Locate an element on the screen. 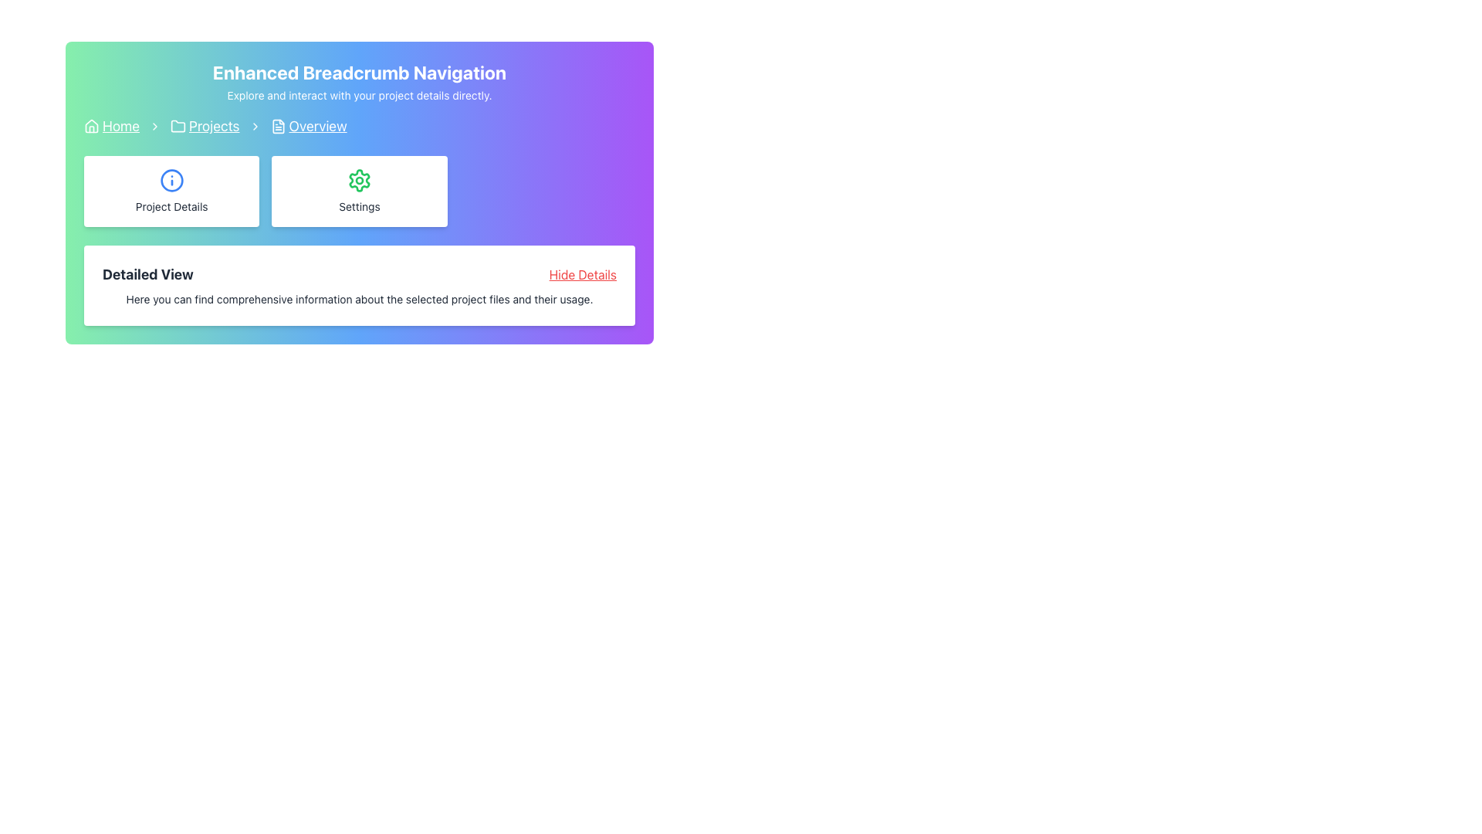 The height and width of the screenshot is (834, 1482). the gear icon located in the upper section of the interface, slightly to the right of the center of a green-to-purple gradient background is located at coordinates (358, 180).